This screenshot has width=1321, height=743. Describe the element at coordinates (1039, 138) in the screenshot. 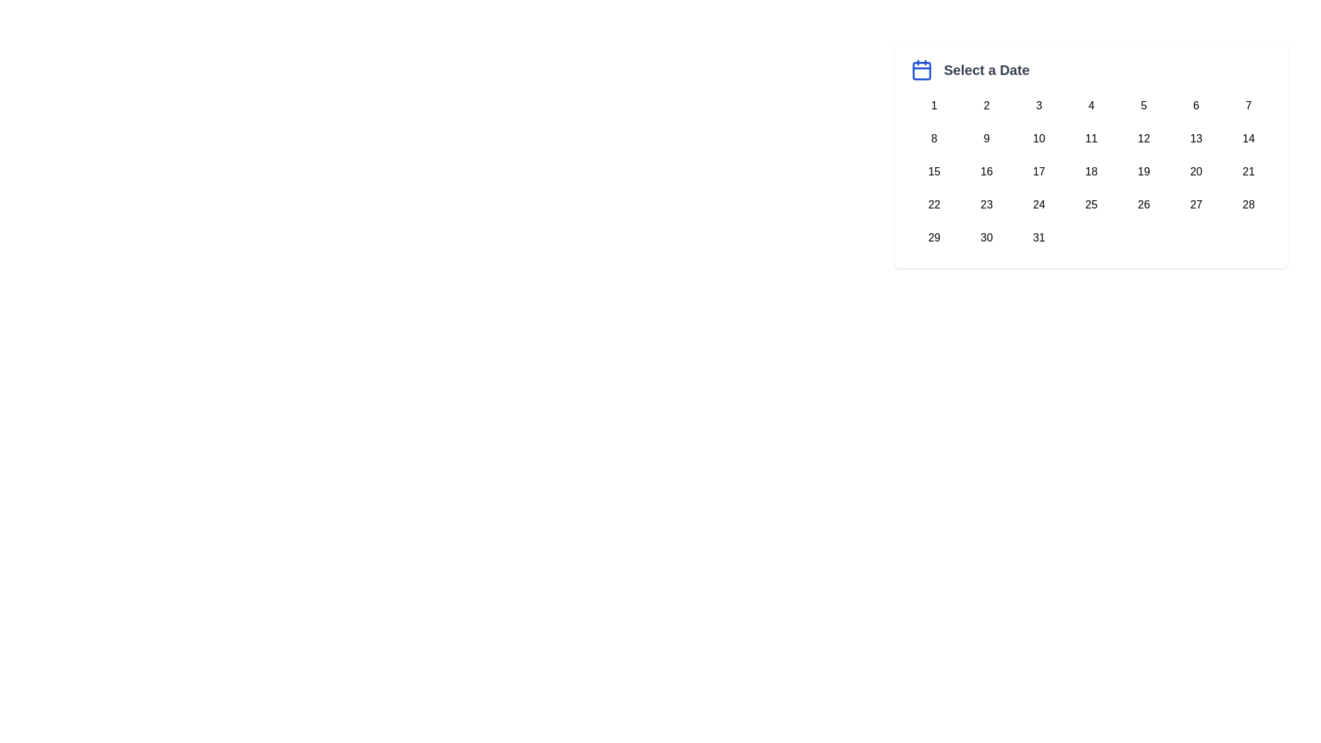

I see `the selectable day button representing the 10th day of the month in the calendar interface` at that location.